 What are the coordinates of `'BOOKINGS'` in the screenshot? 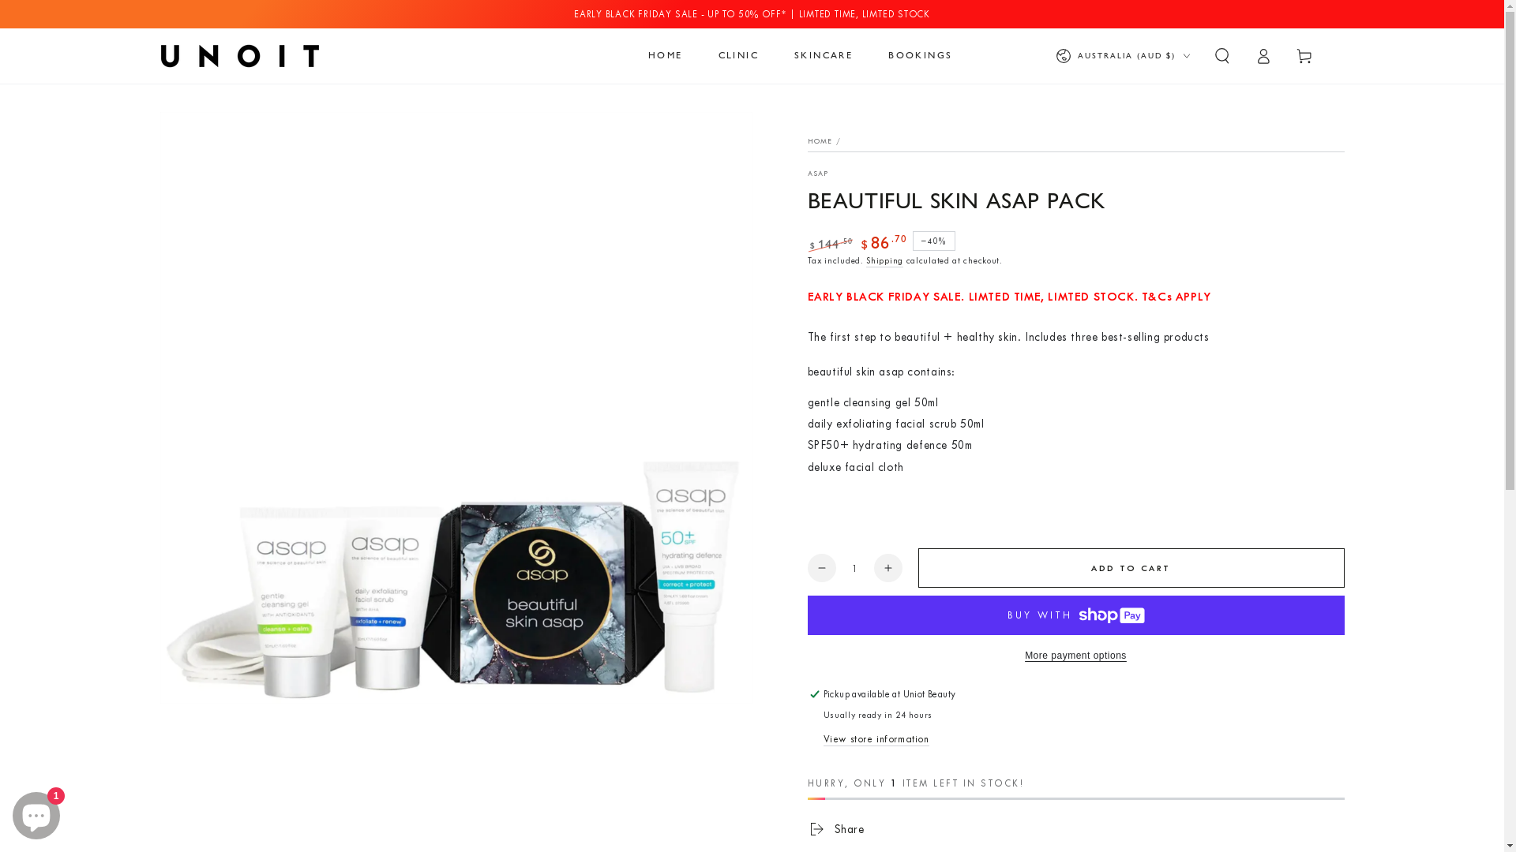 It's located at (920, 54).